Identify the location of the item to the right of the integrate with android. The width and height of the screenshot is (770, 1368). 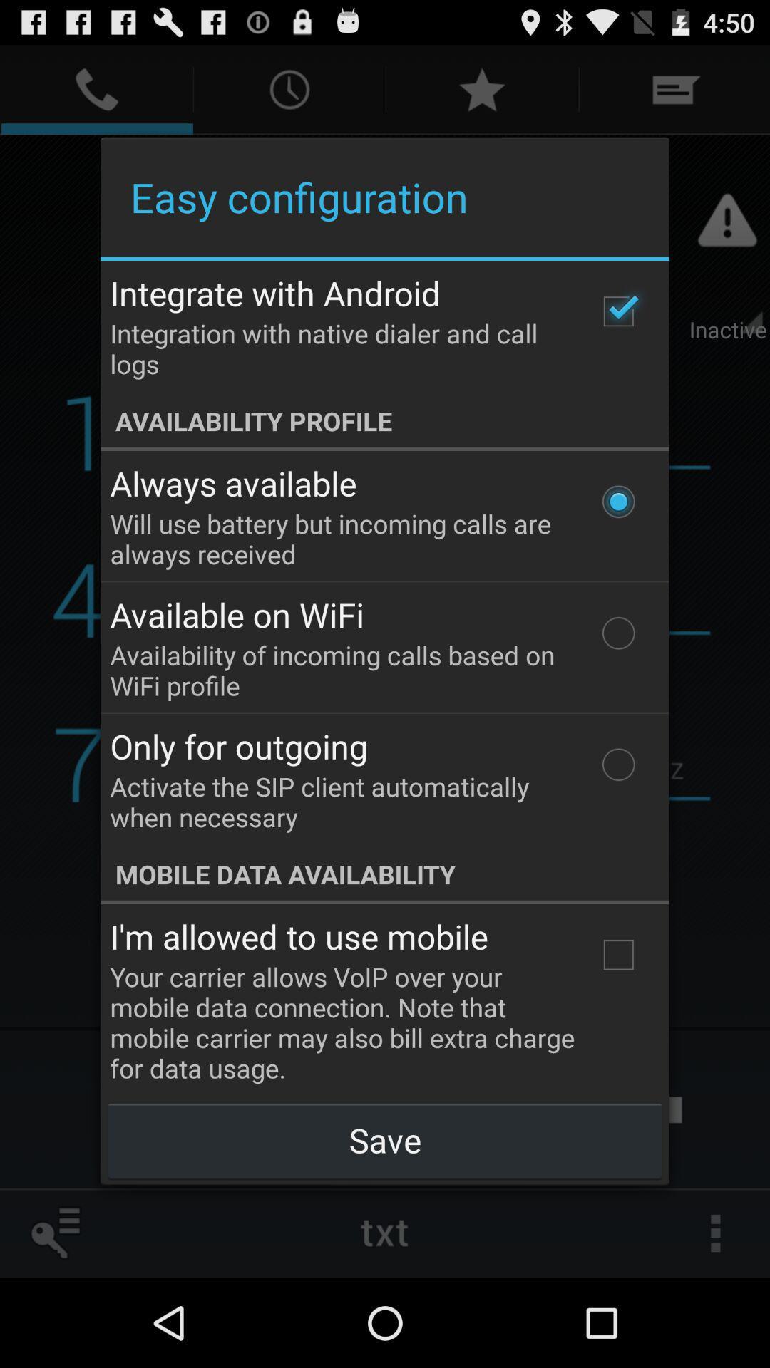
(617, 311).